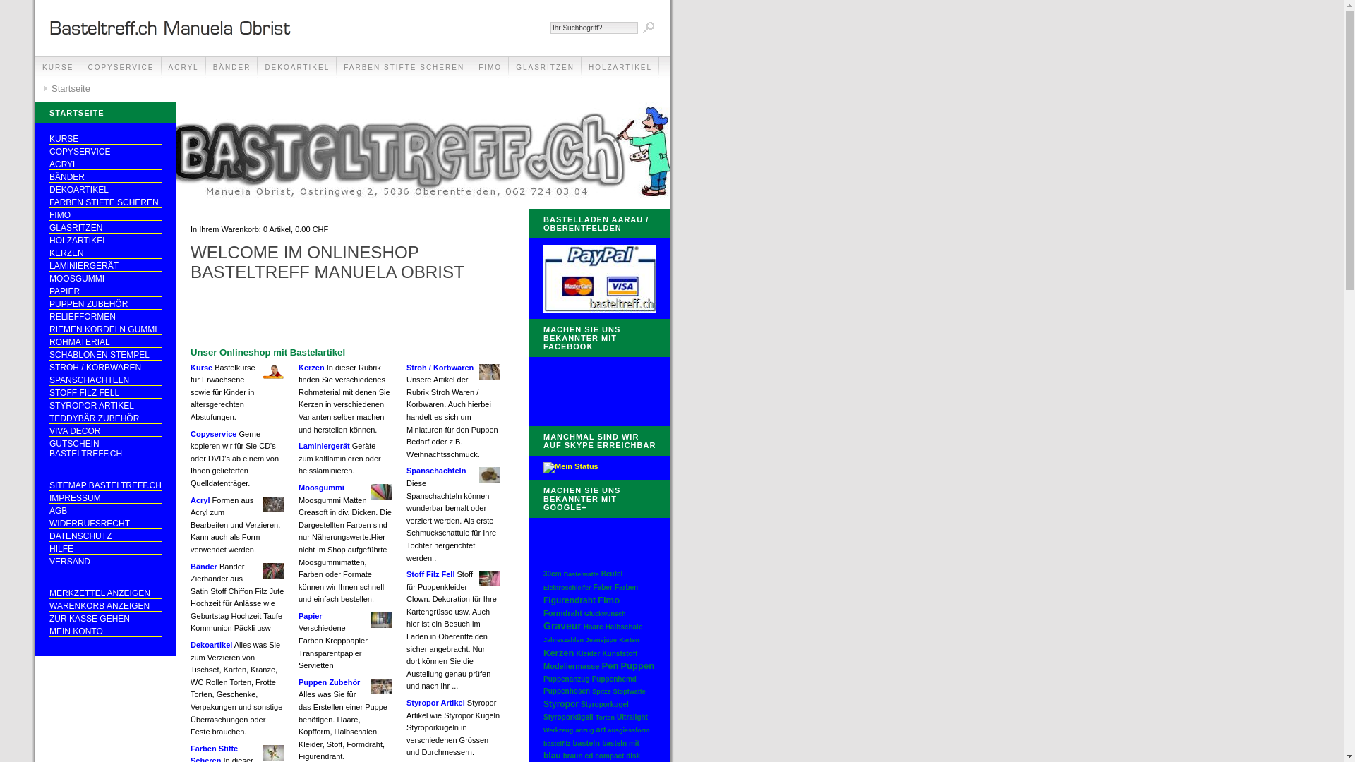 The height and width of the screenshot is (762, 1355). Describe the element at coordinates (575, 730) in the screenshot. I see `'anzug'` at that location.